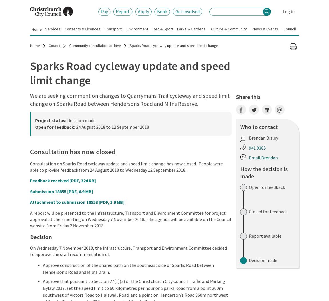  Describe the element at coordinates (48, 191) in the screenshot. I see `'Submission 18855'` at that location.